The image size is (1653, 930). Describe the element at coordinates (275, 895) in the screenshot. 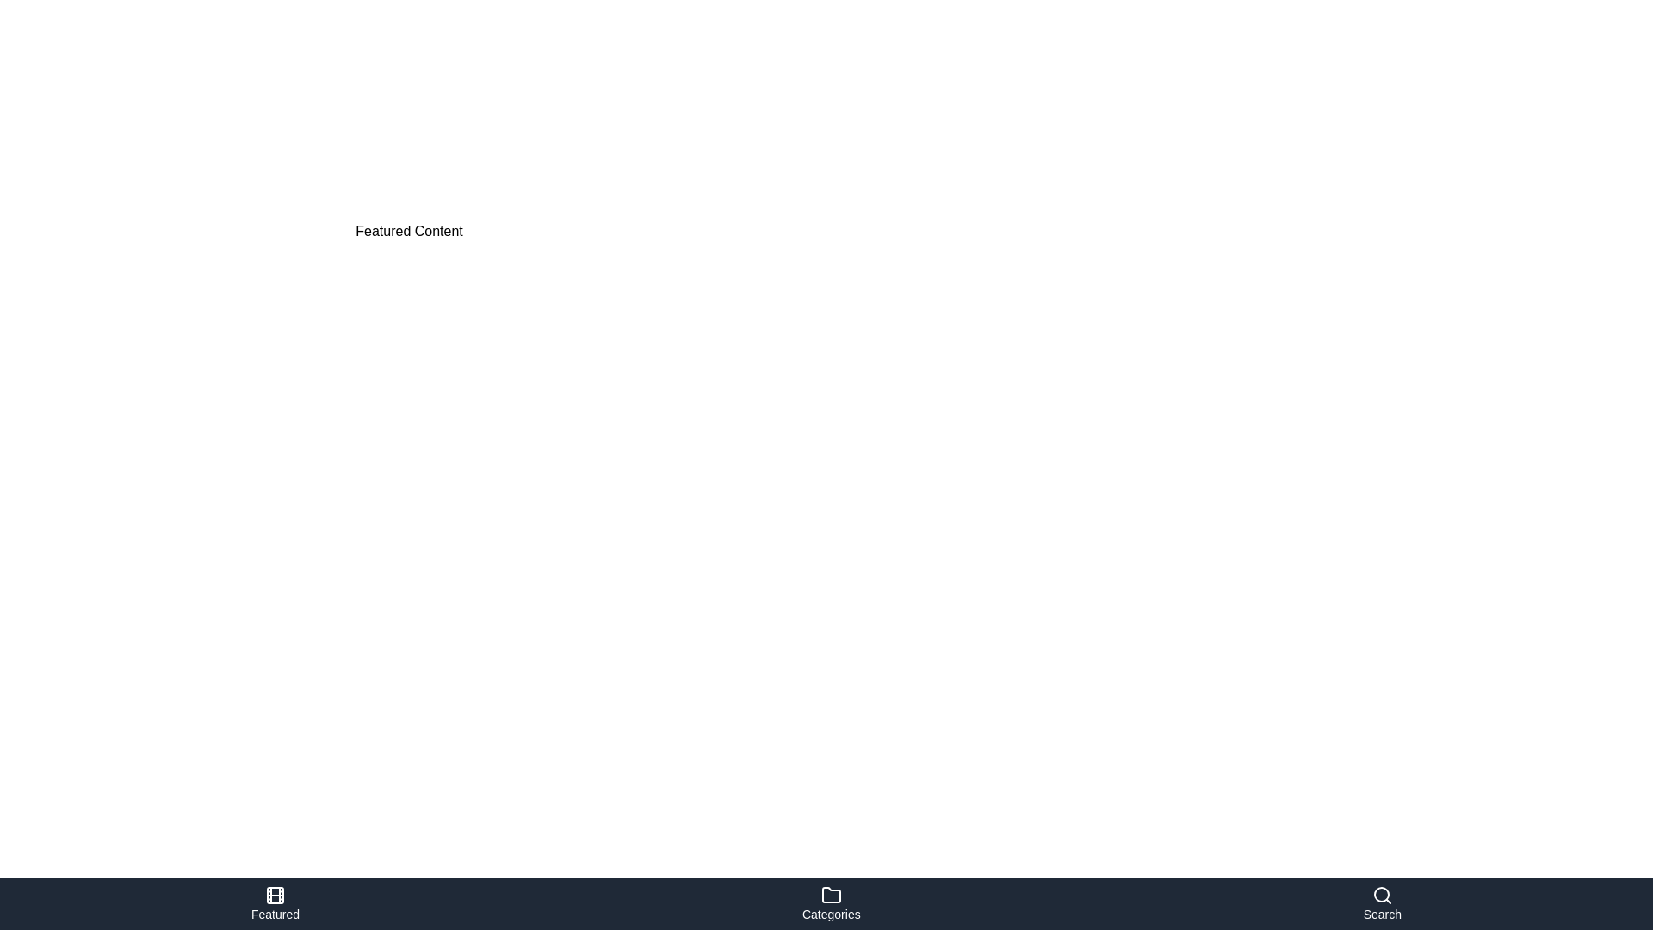

I see `the film reel icon located in the center of the dark bottom navigation bar` at that location.